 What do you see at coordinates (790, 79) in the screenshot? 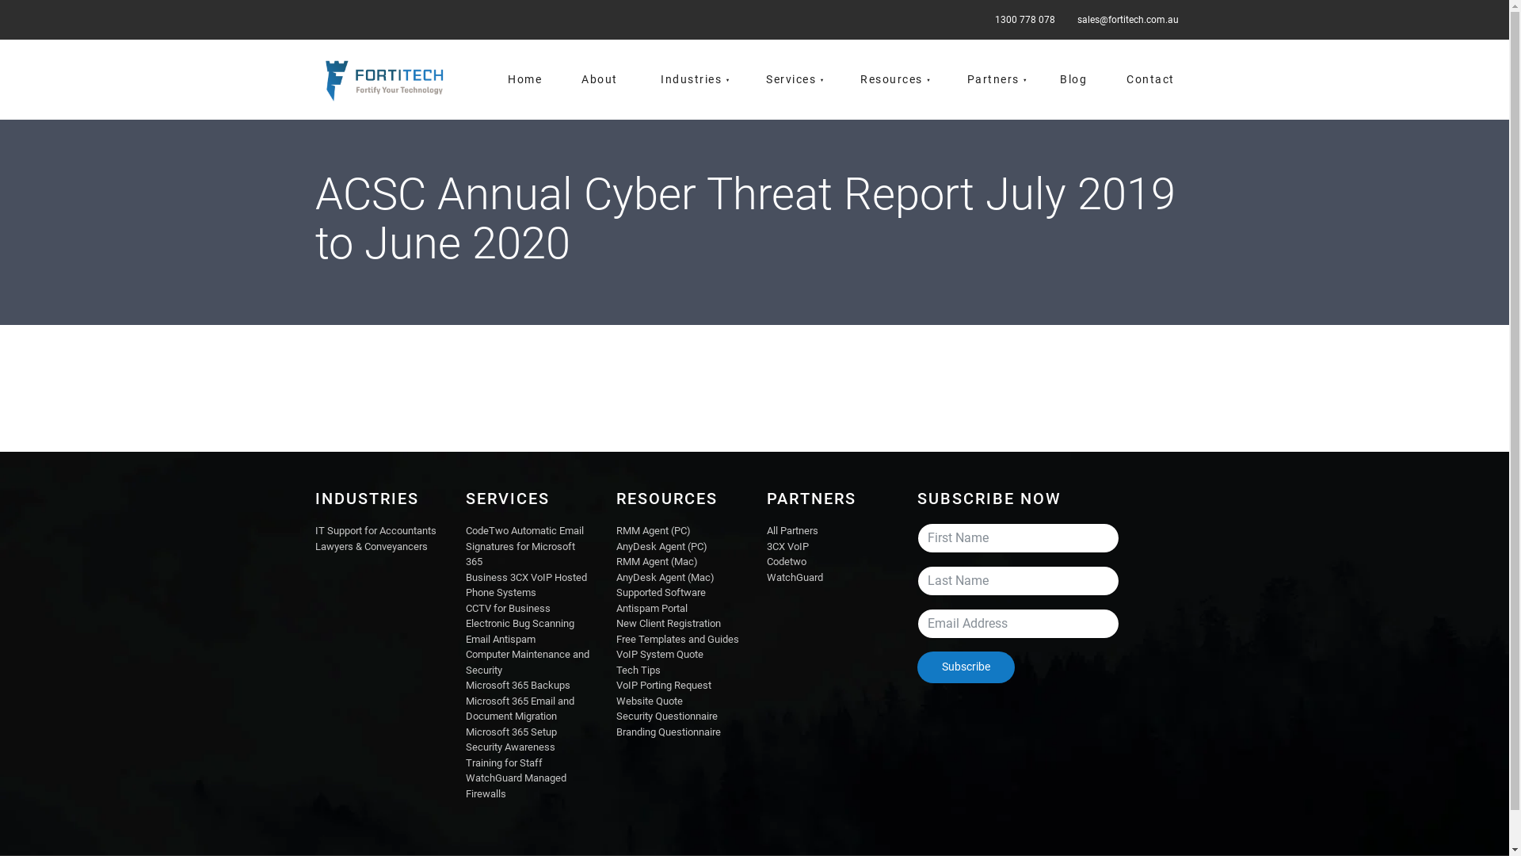
I see `'Services'` at bounding box center [790, 79].